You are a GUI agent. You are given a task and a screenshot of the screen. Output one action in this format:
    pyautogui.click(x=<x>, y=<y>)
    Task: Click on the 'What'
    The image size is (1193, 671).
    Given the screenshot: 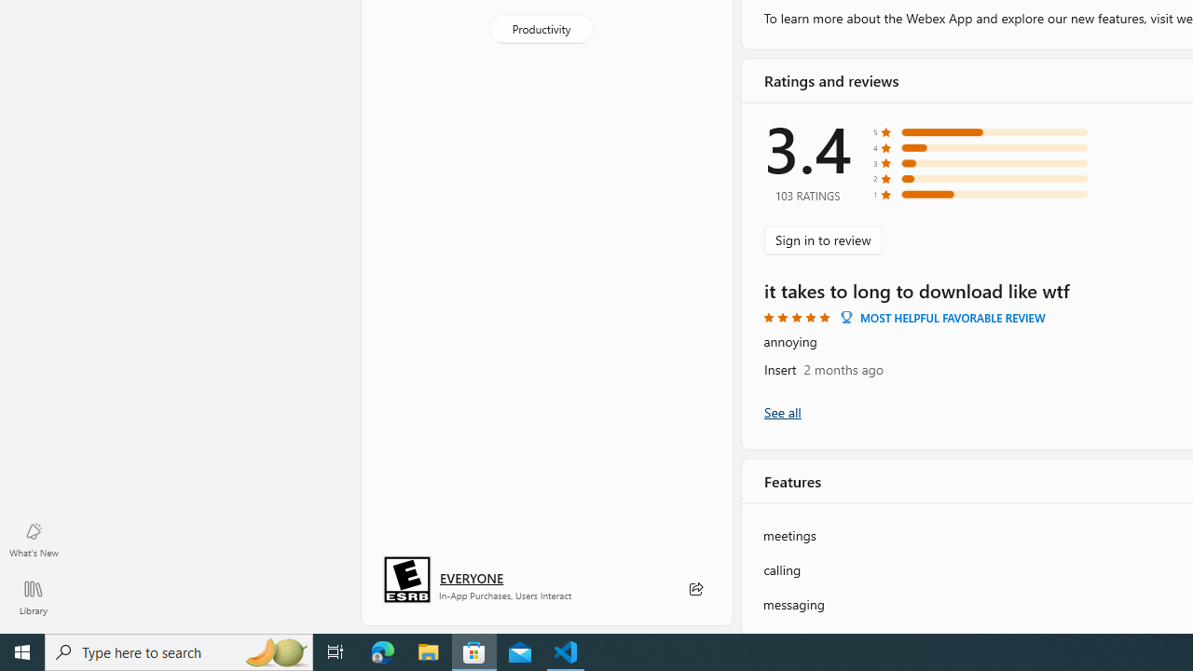 What is the action you would take?
    pyautogui.click(x=33, y=539)
    